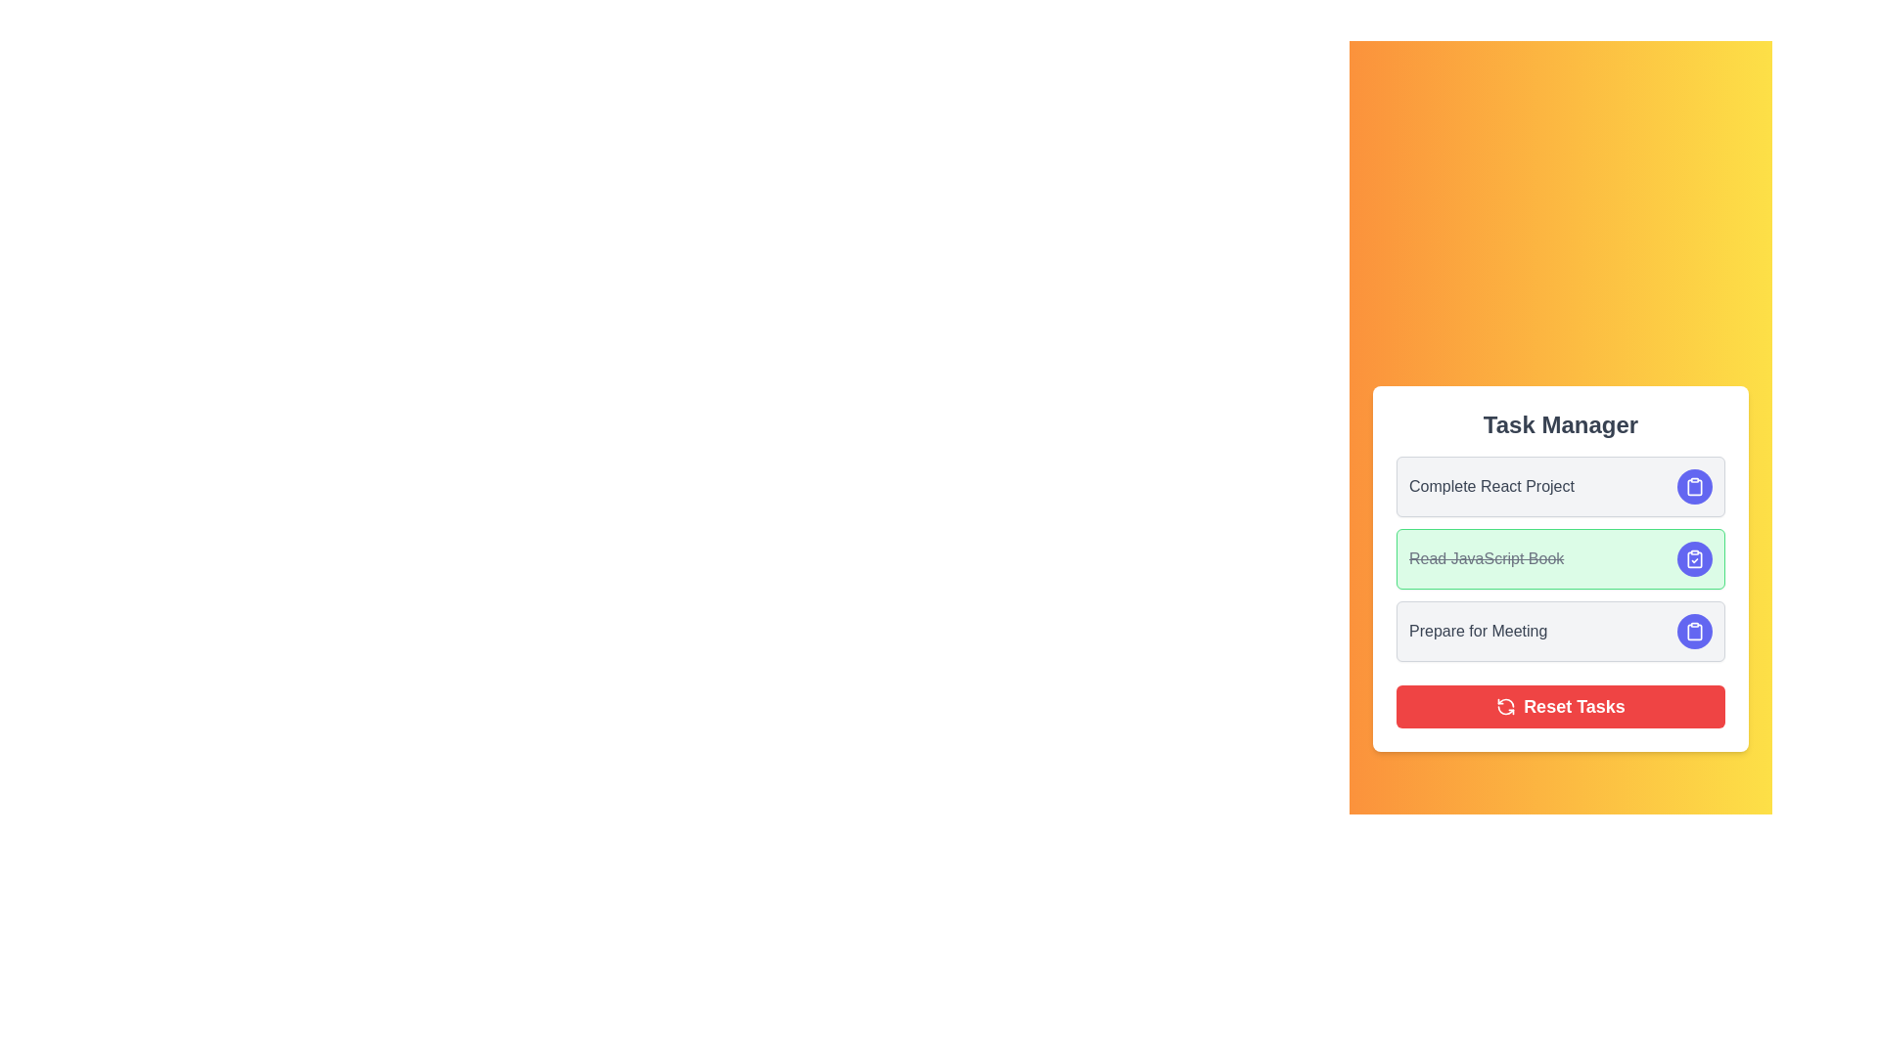  What do you see at coordinates (1694, 485) in the screenshot?
I see `the clipboard icon located at the top-right of the first task item in the list, which is part of a circular purple button` at bounding box center [1694, 485].